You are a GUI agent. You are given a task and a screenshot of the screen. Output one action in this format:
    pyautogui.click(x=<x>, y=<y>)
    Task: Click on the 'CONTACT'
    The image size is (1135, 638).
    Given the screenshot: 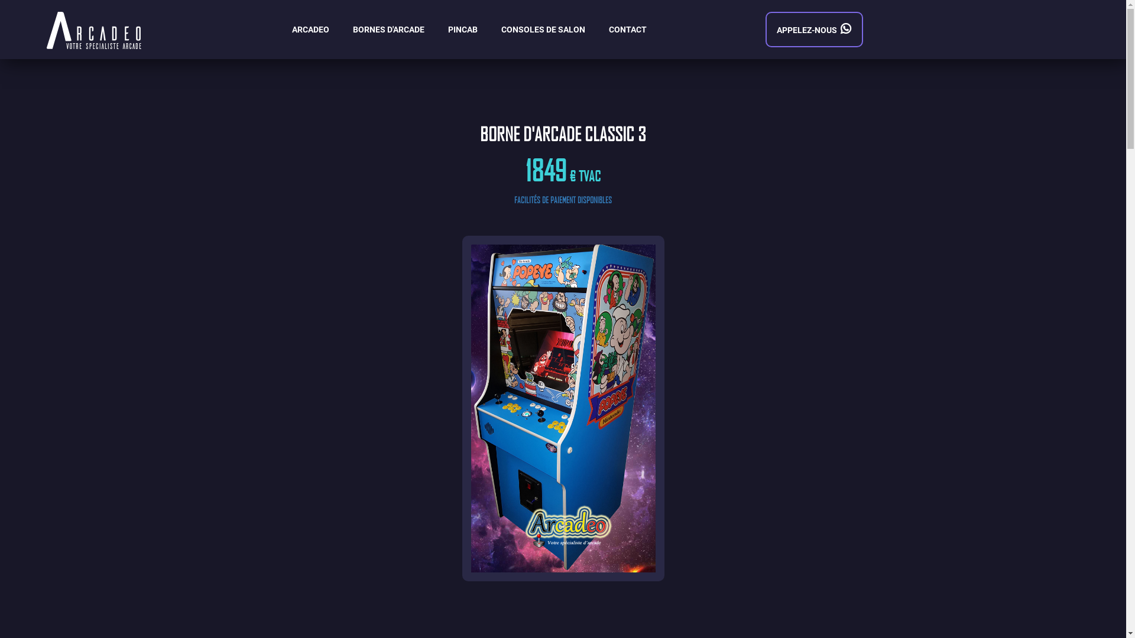 What is the action you would take?
    pyautogui.click(x=627, y=29)
    